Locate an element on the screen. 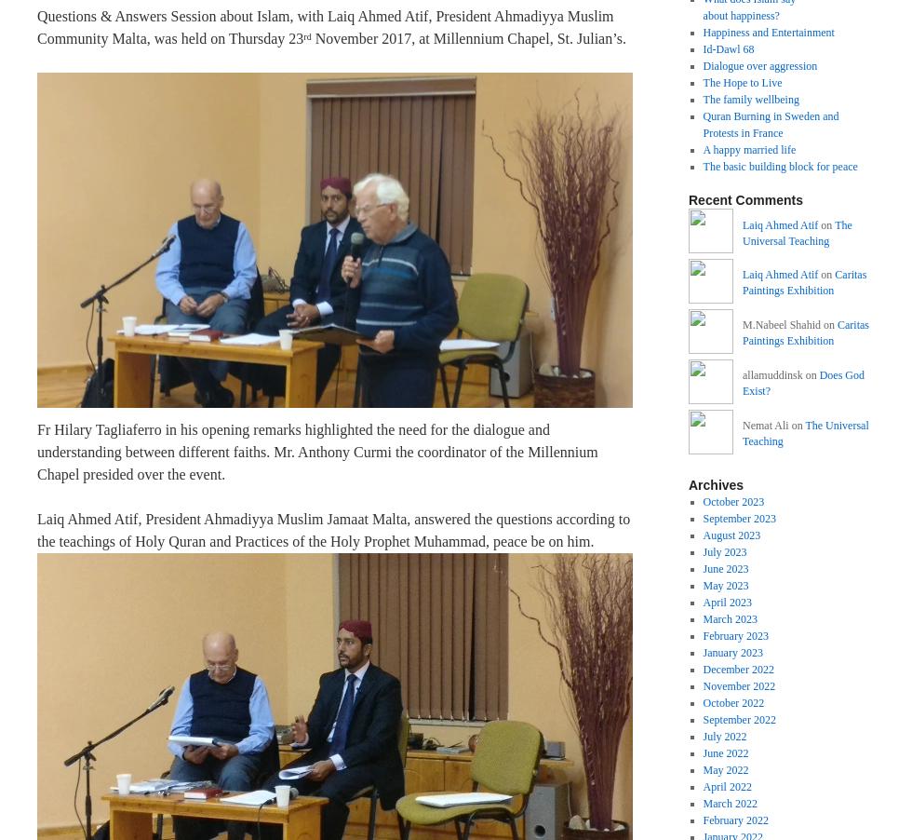 Image resolution: width=912 pixels, height=840 pixels. 'July 2023' is located at coordinates (724, 550).